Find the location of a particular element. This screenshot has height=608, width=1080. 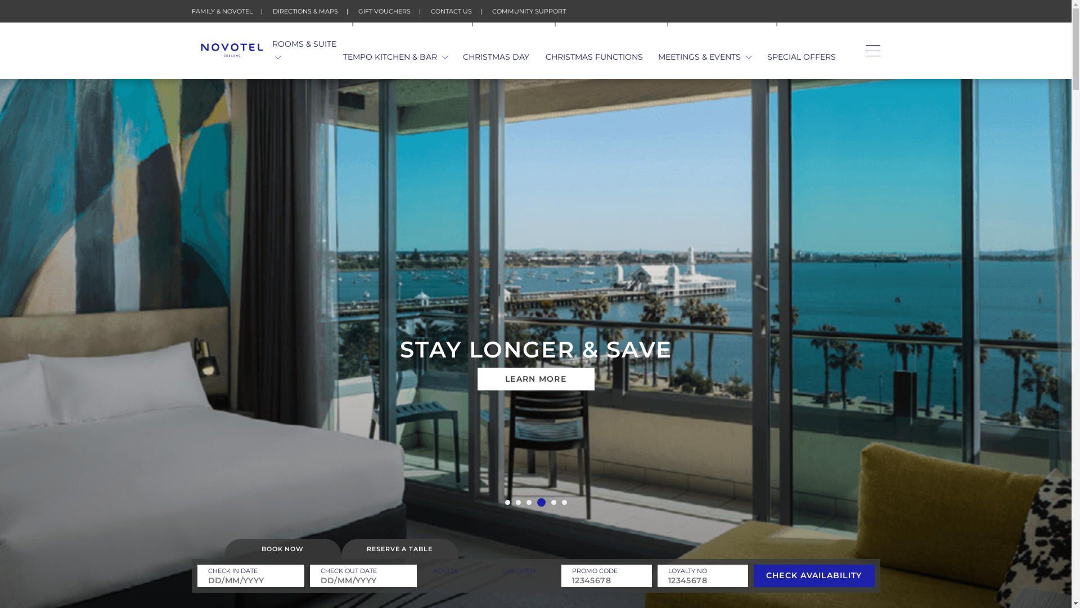

'FAMILY & NOVOTEL' is located at coordinates (221, 11).